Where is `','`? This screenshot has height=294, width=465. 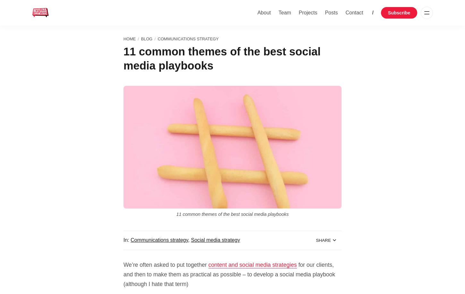 ',' is located at coordinates (189, 239).